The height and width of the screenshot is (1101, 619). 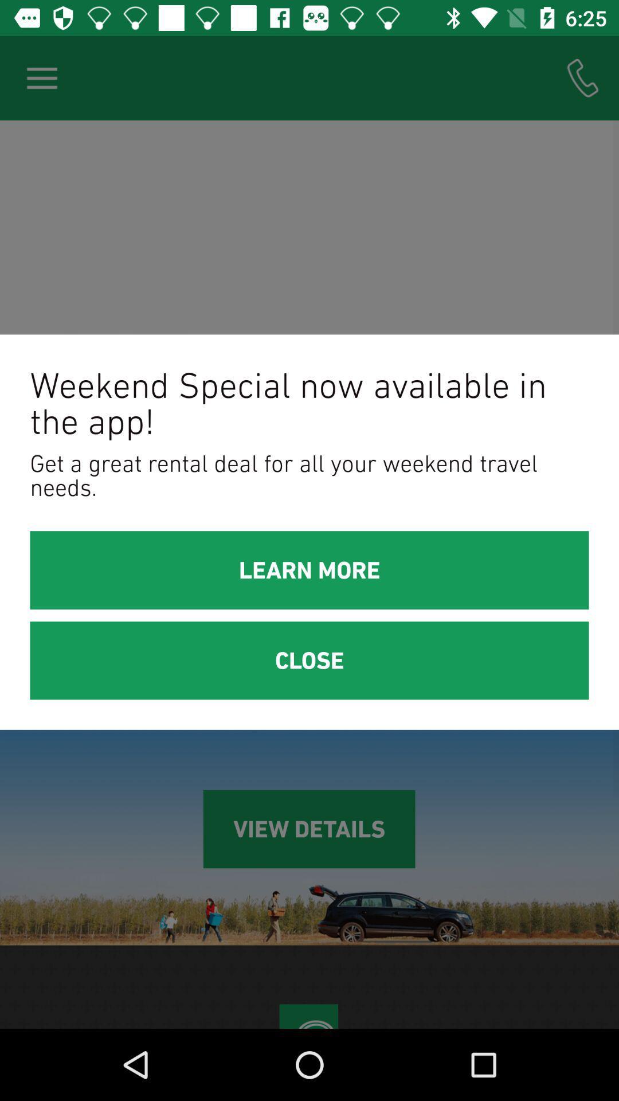 I want to click on the learn more item, so click(x=309, y=570).